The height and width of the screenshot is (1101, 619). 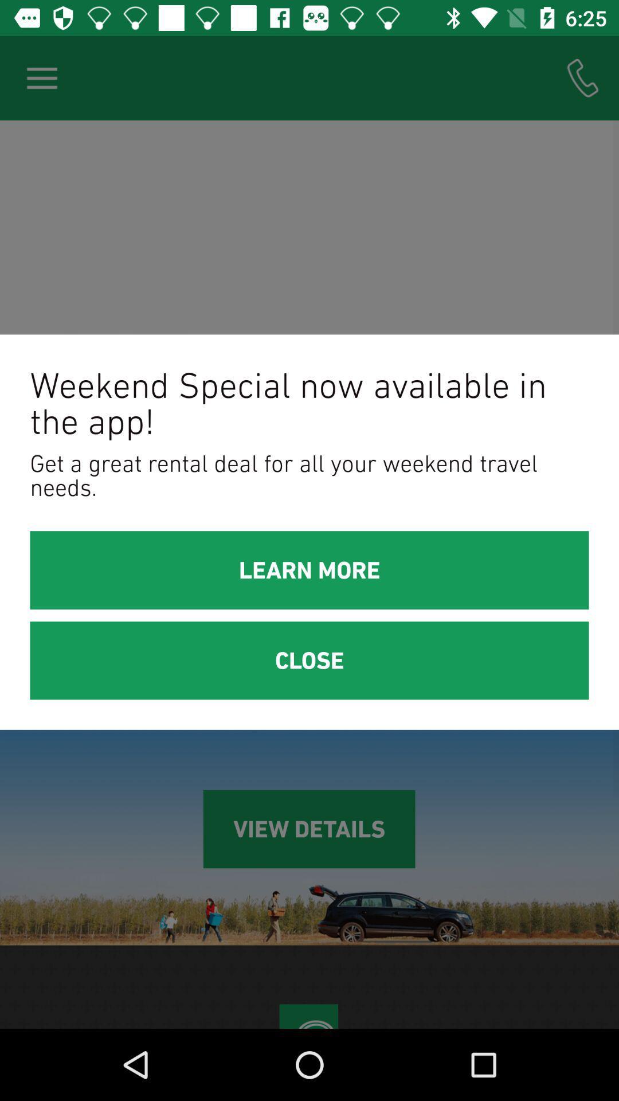 I want to click on the learn more item, so click(x=309, y=570).